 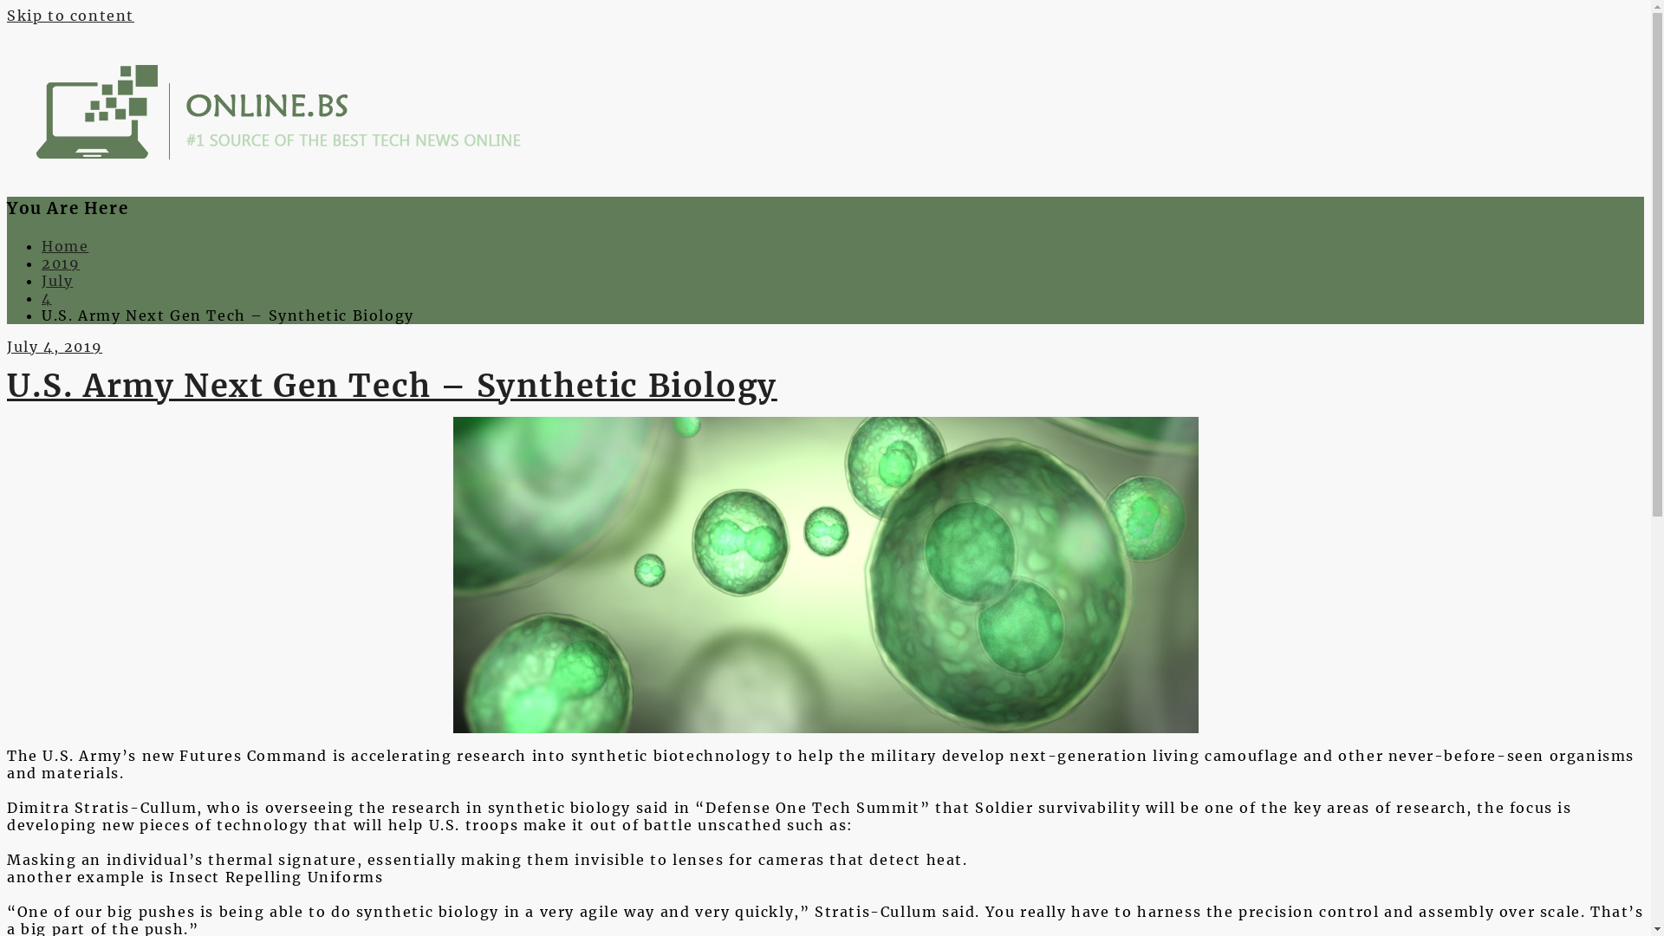 What do you see at coordinates (42, 263) in the screenshot?
I see `'2019'` at bounding box center [42, 263].